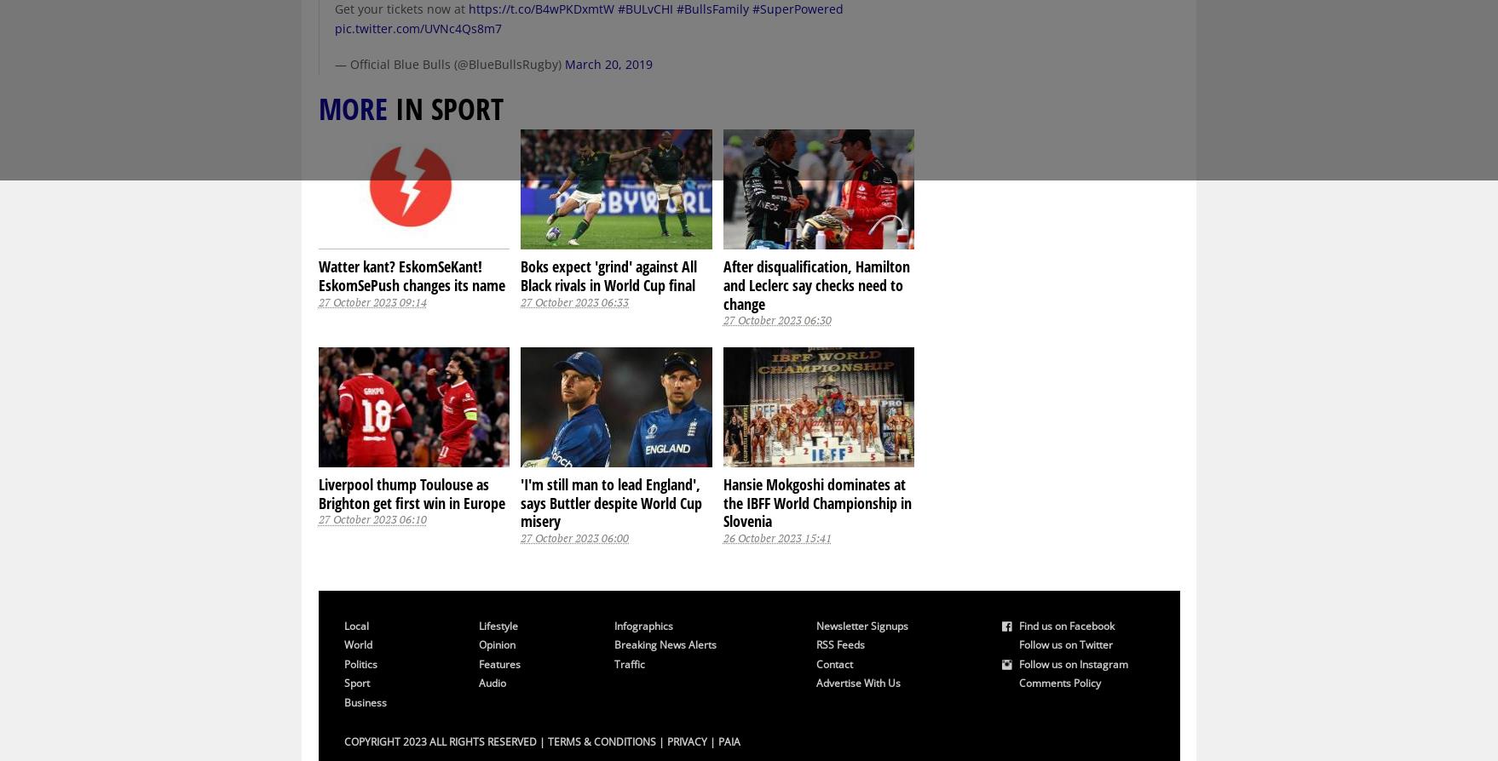 This screenshot has height=761, width=1498. What do you see at coordinates (601, 740) in the screenshot?
I see `'Terms & Conditions'` at bounding box center [601, 740].